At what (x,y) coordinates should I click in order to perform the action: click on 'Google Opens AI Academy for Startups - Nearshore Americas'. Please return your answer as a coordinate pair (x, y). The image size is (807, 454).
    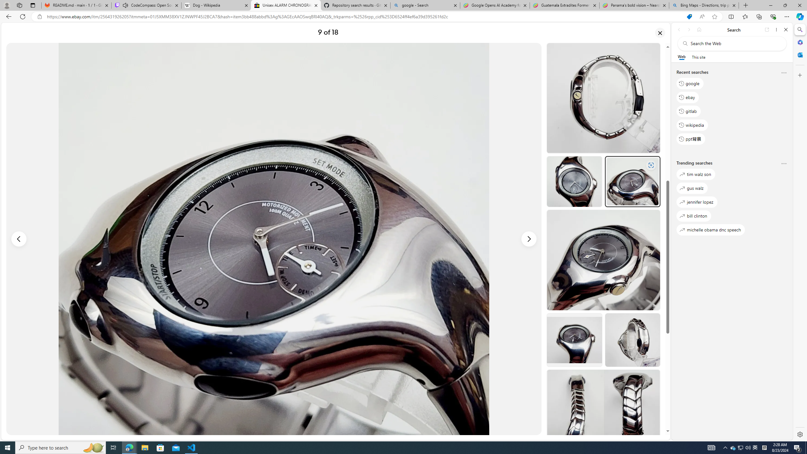
    Looking at the image, I should click on (495, 5).